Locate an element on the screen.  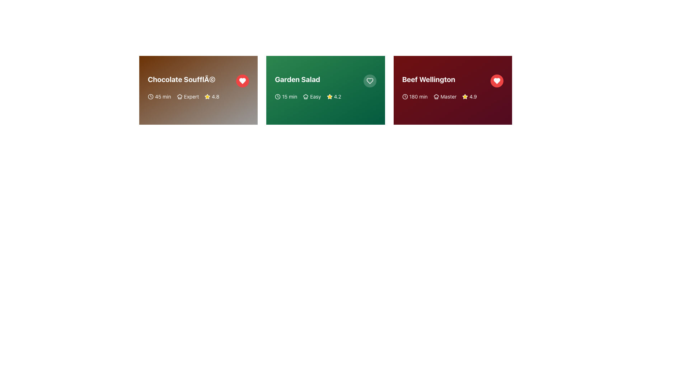
the SVG-based chef's hat icon located in the upper-right corner of the 'Beef Wellington' card is located at coordinates (436, 97).